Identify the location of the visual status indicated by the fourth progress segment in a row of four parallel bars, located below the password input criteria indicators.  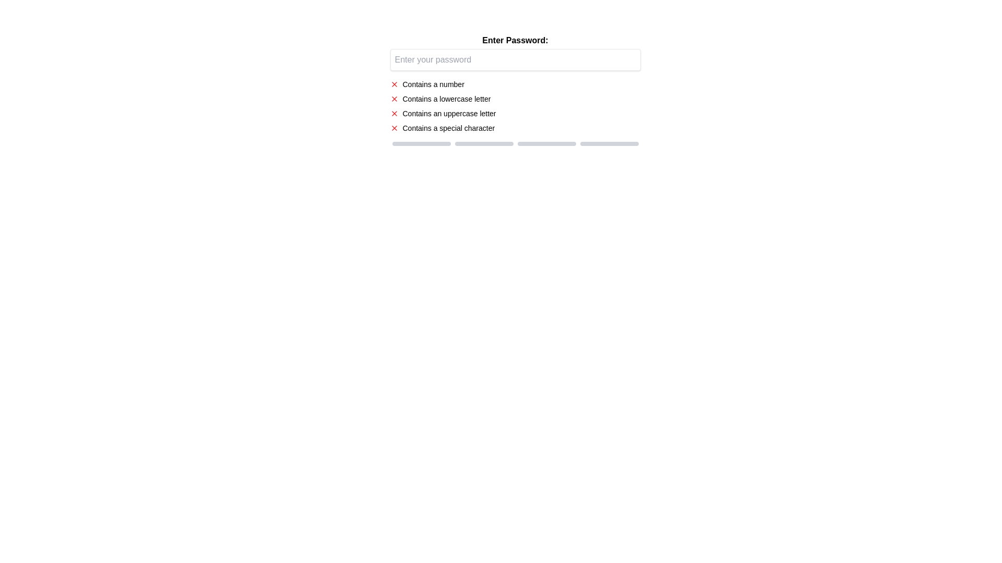
(609, 144).